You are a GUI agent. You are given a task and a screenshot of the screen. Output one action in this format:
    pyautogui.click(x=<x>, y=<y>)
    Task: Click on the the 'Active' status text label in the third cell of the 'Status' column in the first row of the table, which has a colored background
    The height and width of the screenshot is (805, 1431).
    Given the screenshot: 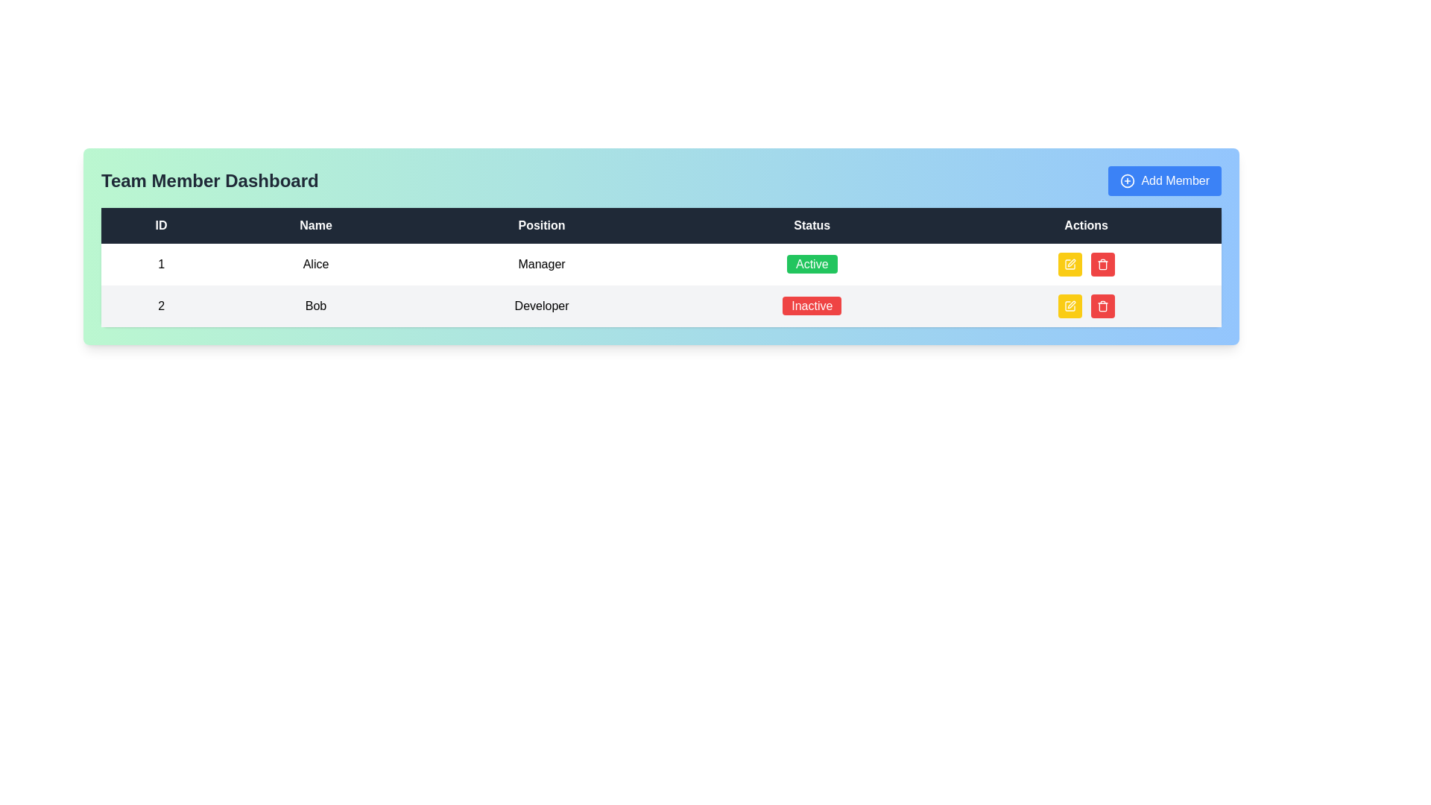 What is the action you would take?
    pyautogui.click(x=811, y=263)
    